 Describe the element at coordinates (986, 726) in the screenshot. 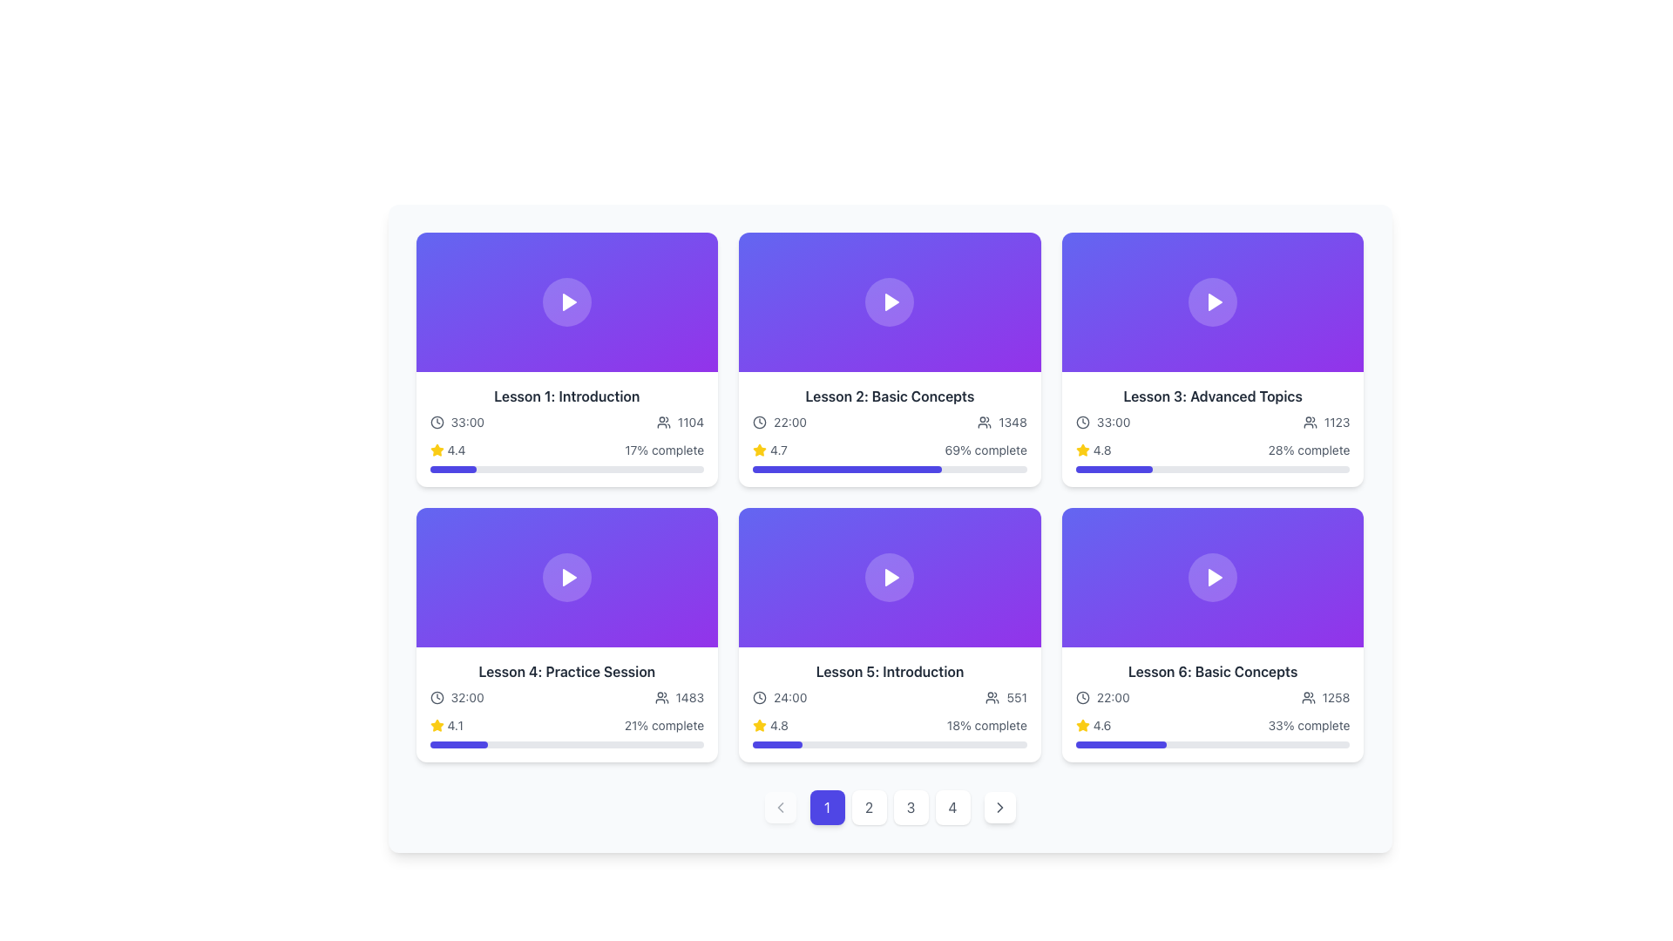

I see `text content of the Text Label displaying '18% complete' located in the bottom-right corner of the card for 'Lesson 5: Introduction'` at that location.